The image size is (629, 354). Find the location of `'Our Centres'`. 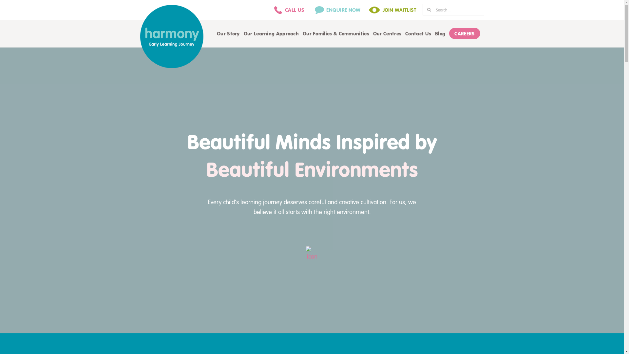

'Our Centres' is located at coordinates (387, 33).